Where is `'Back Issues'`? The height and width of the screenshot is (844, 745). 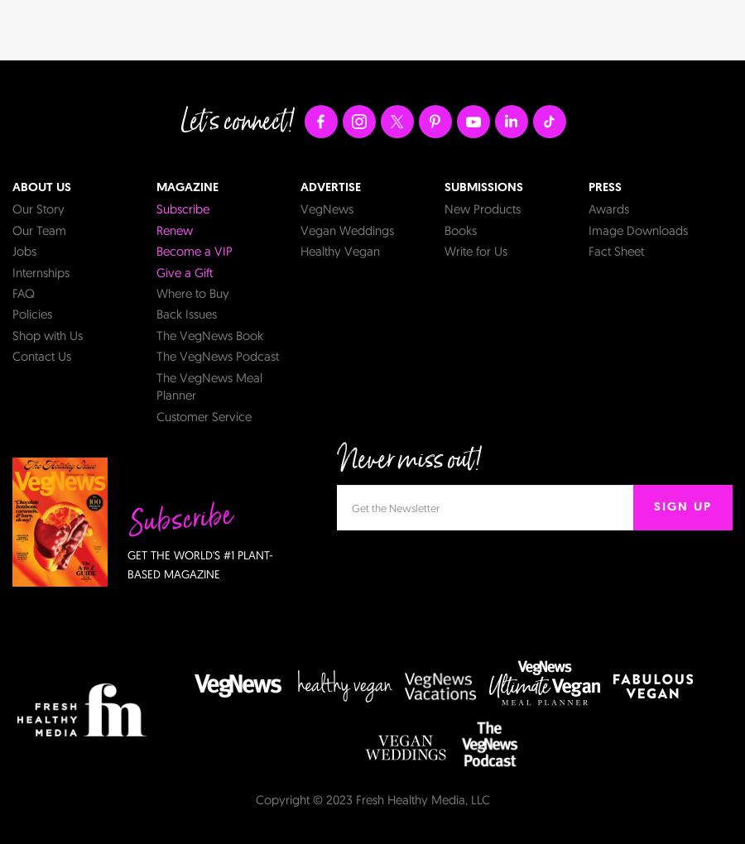
'Back Issues' is located at coordinates (186, 313).